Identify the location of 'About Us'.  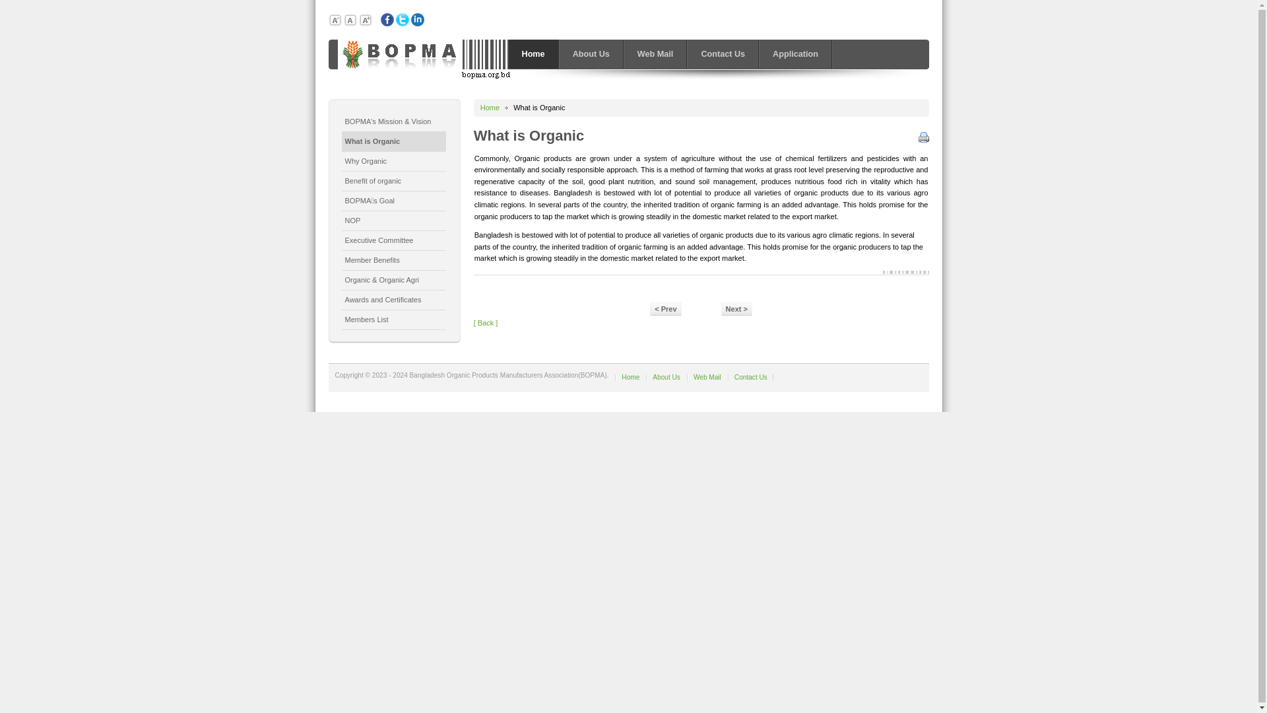
(591, 53).